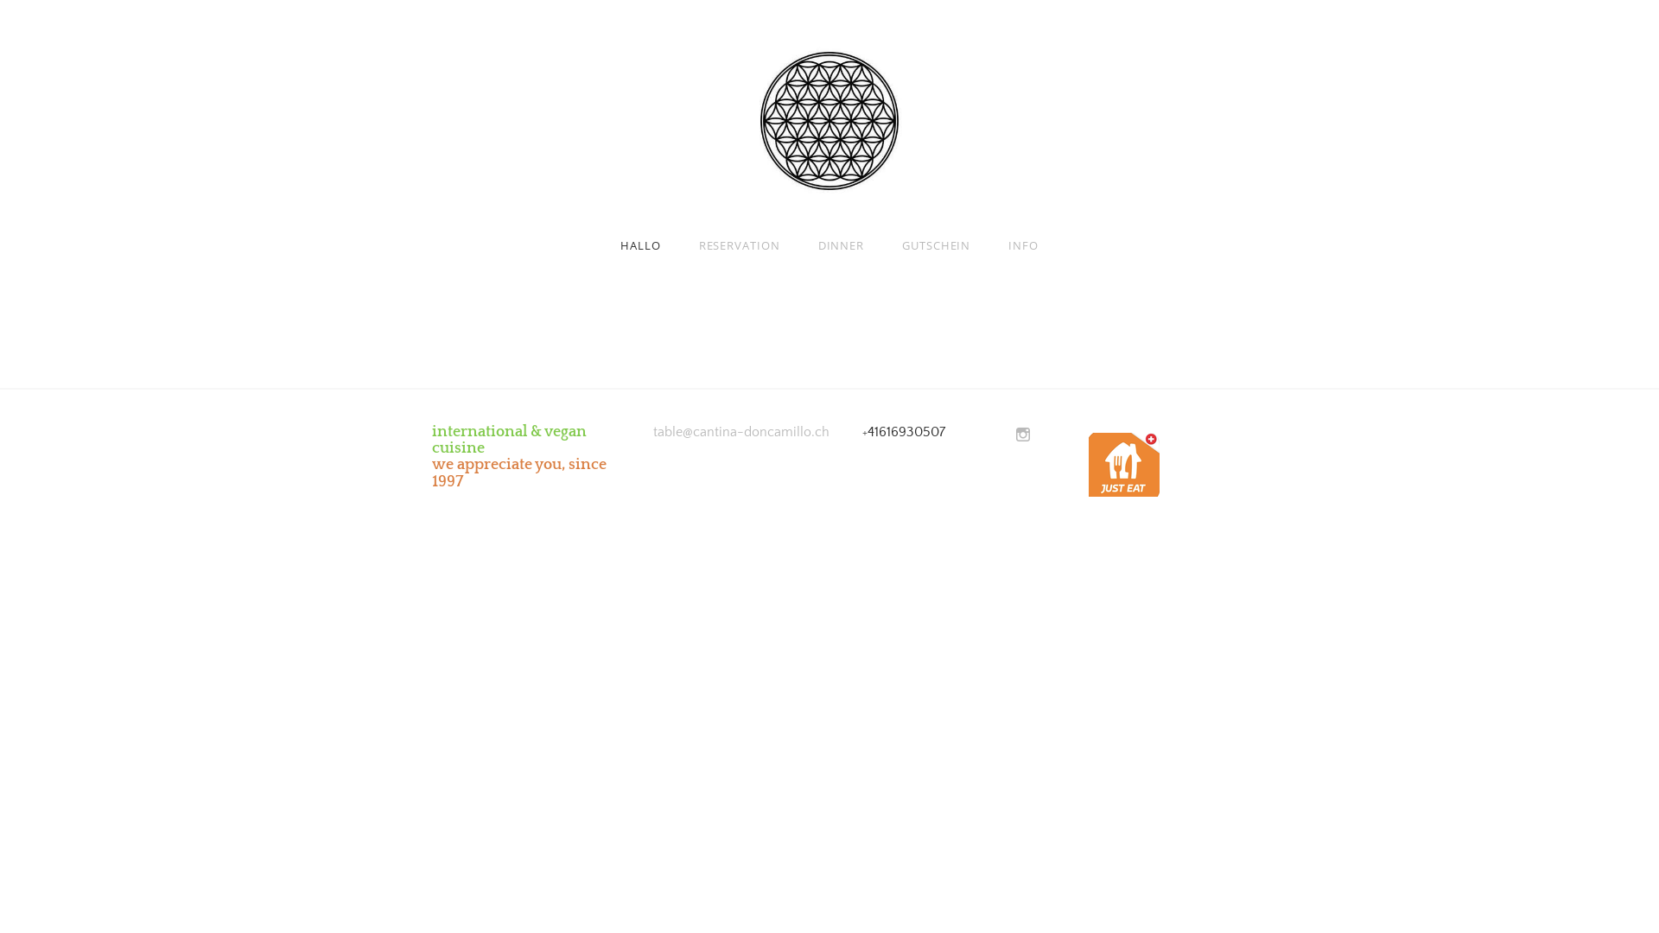 The width and height of the screenshot is (1659, 933). I want to click on 'DINNER', so click(841, 245).